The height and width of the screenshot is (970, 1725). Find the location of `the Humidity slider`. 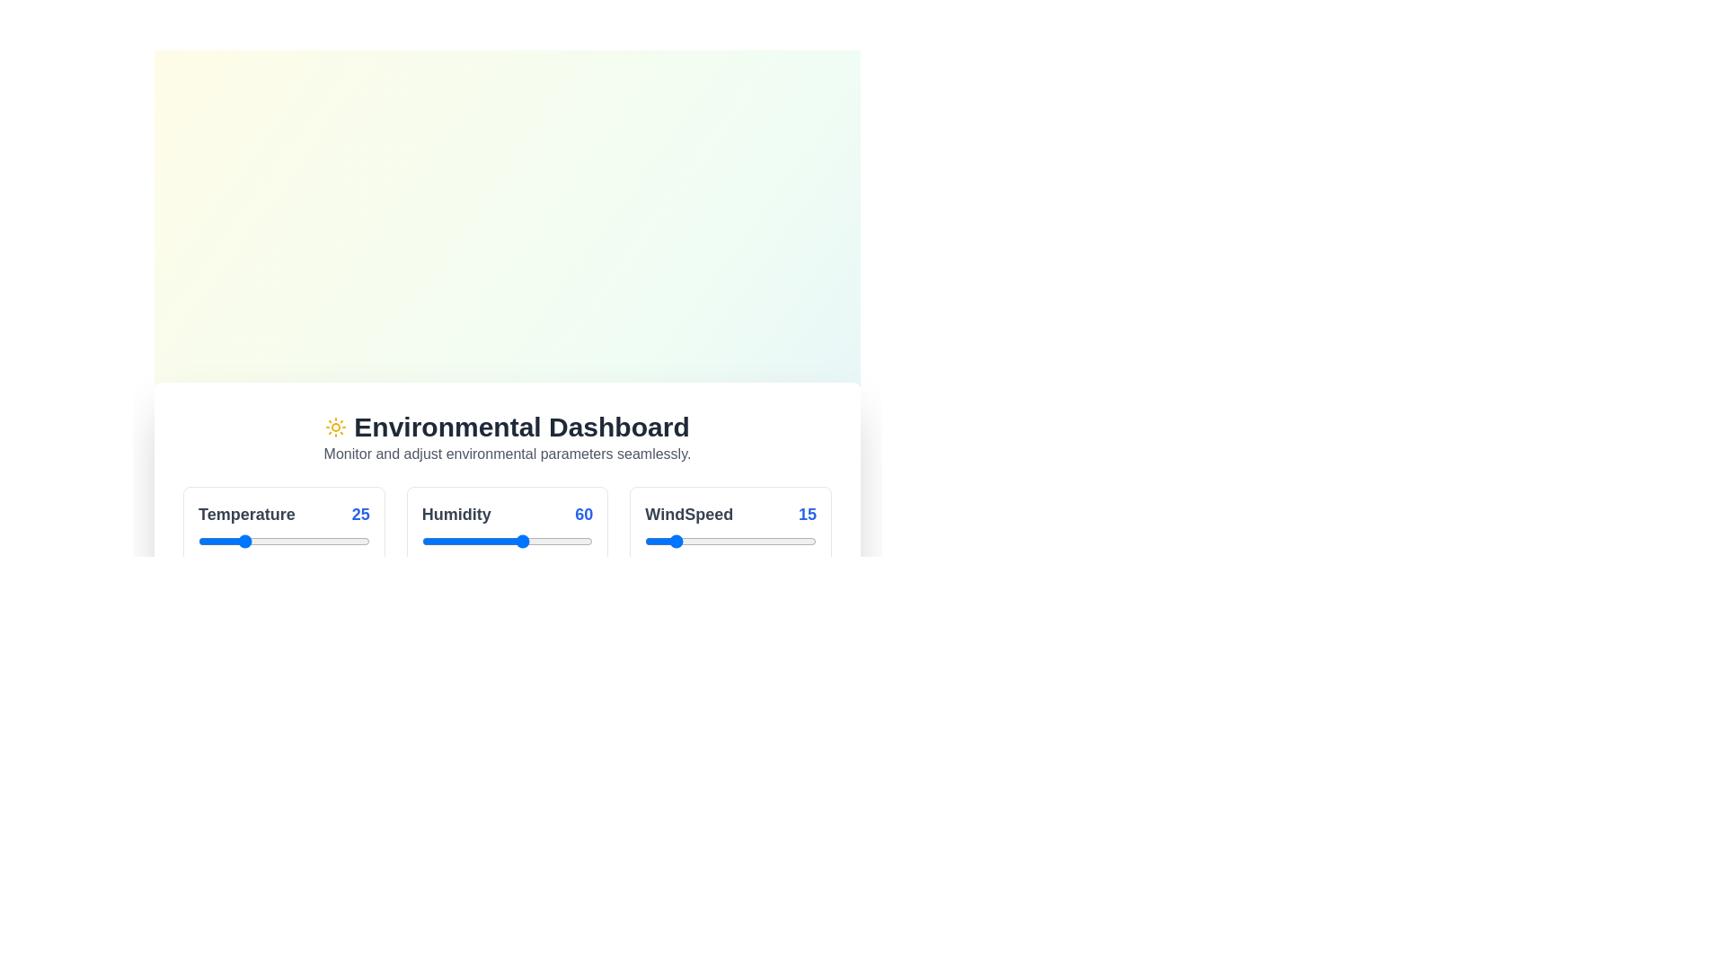

the Humidity slider is located at coordinates (558, 540).